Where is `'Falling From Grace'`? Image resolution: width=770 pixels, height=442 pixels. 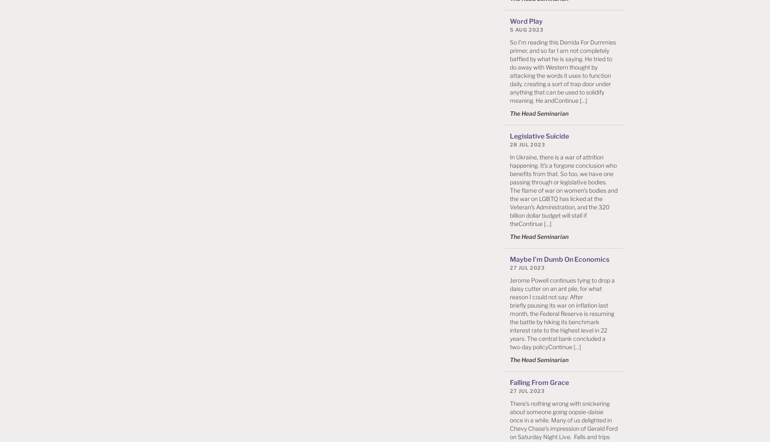 'Falling From Grace' is located at coordinates (539, 382).